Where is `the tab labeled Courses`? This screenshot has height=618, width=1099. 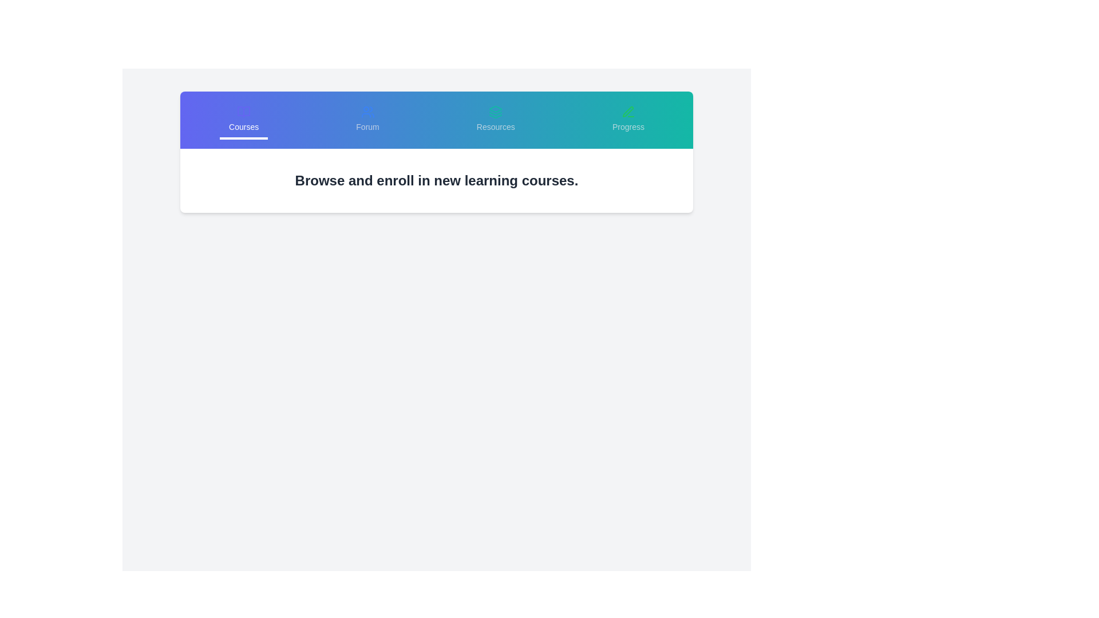
the tab labeled Courses is located at coordinates (243, 120).